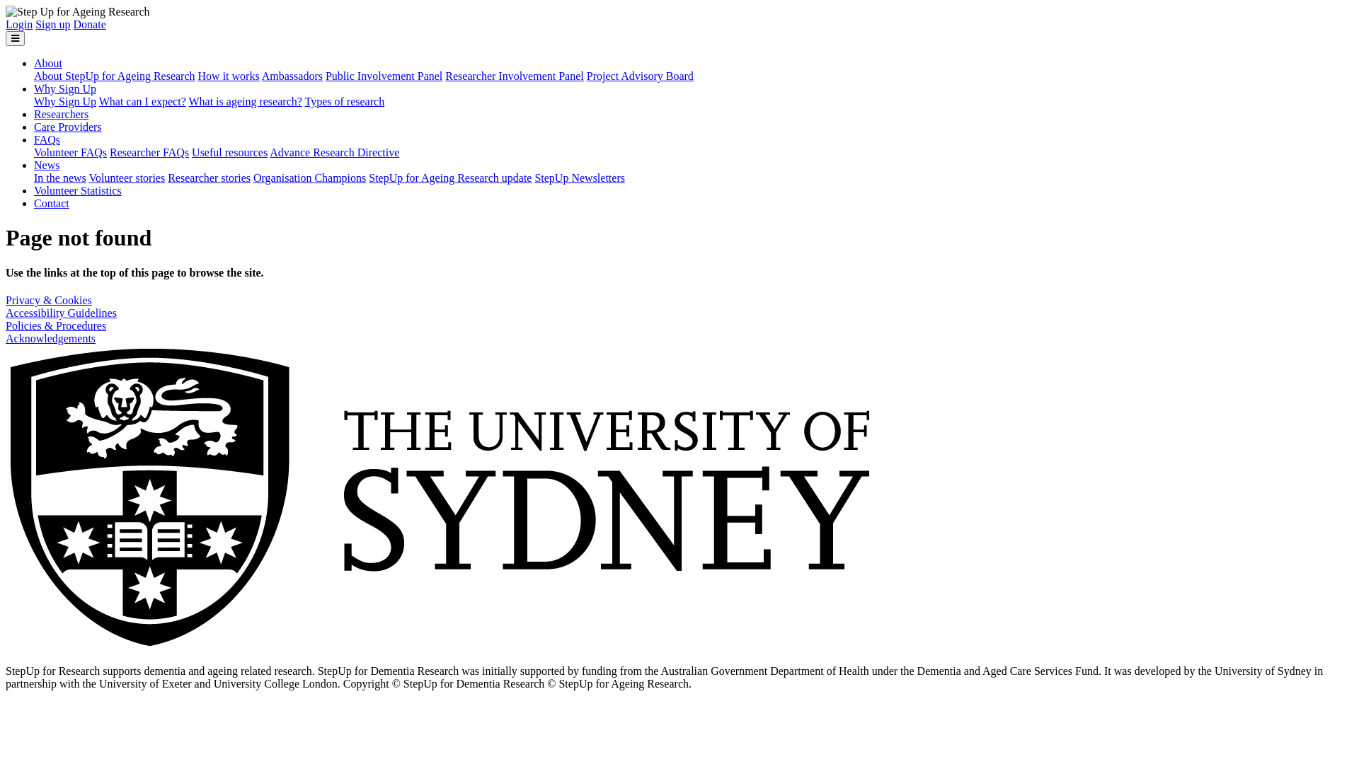  Describe the element at coordinates (77, 190) in the screenshot. I see `'Volunteer Statistics'` at that location.